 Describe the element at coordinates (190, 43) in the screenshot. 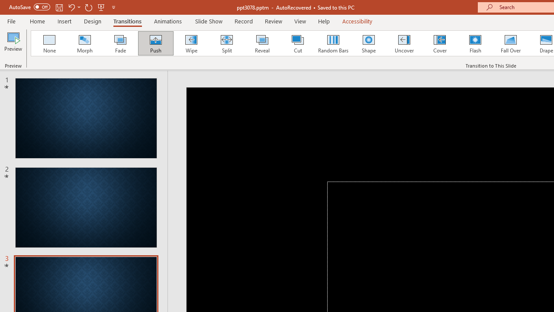

I see `'Wipe'` at that location.